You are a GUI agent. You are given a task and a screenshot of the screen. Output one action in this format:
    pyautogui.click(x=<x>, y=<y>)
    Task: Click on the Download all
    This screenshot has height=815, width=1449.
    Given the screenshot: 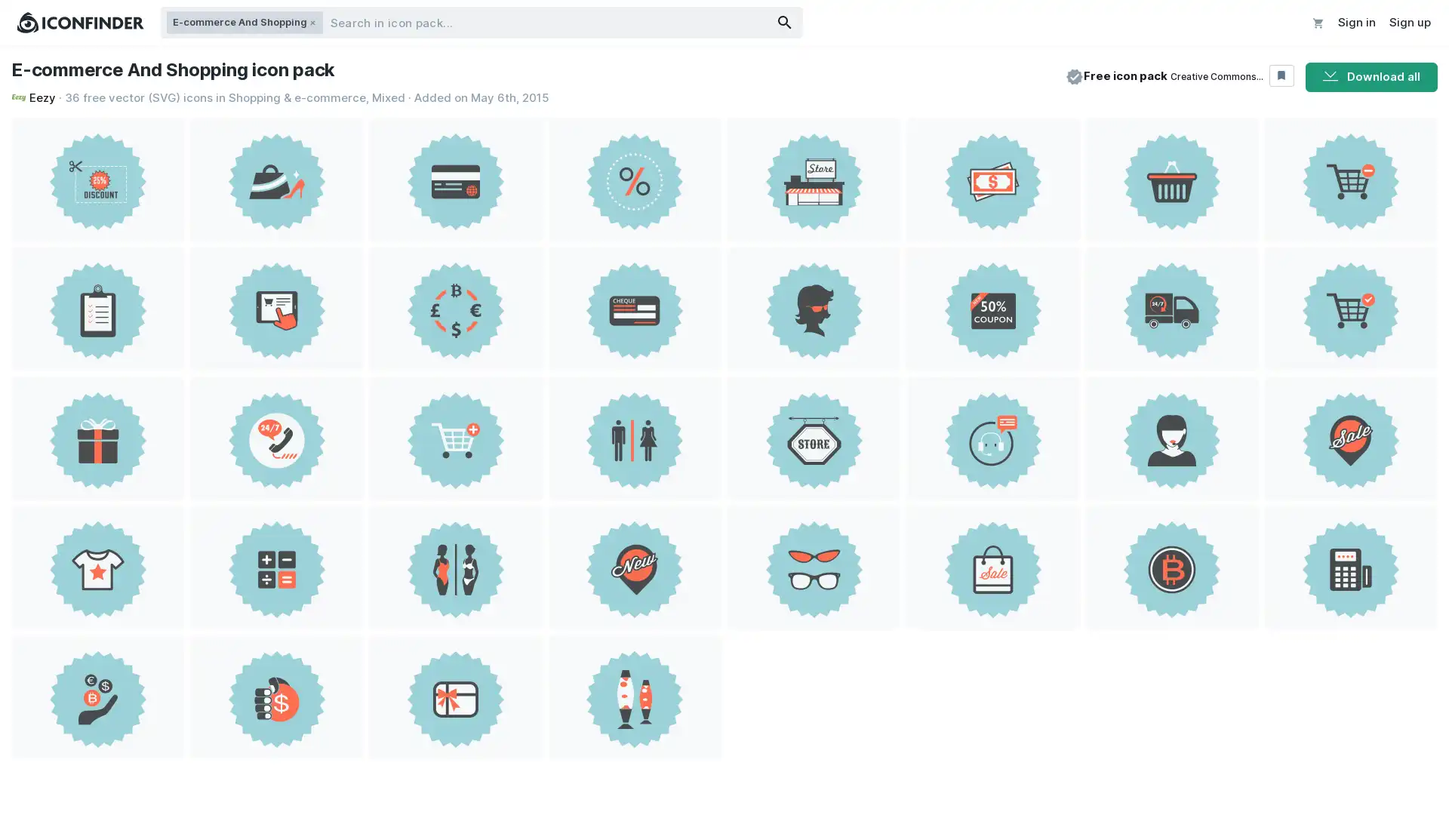 What is the action you would take?
    pyautogui.click(x=1371, y=76)
    